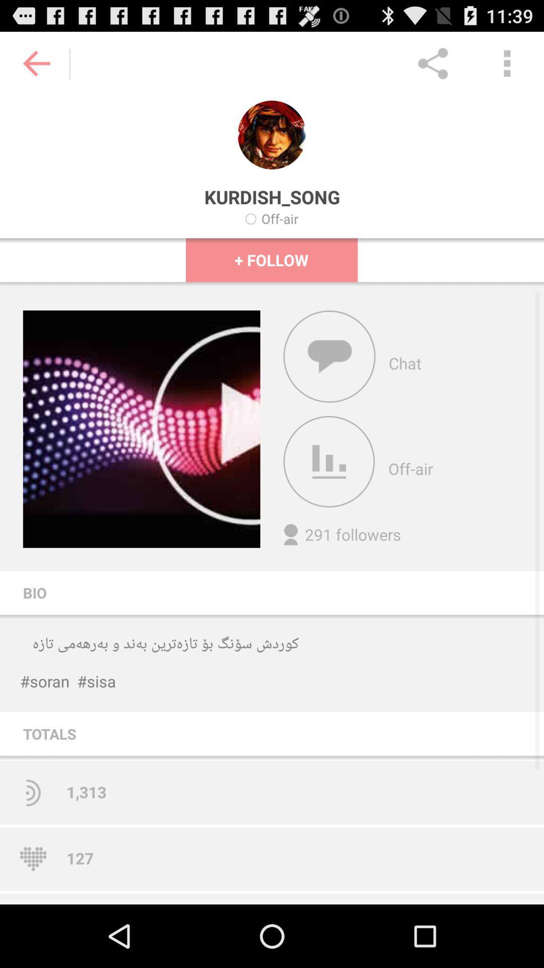 The width and height of the screenshot is (544, 968). I want to click on the chat icon, so click(329, 381).